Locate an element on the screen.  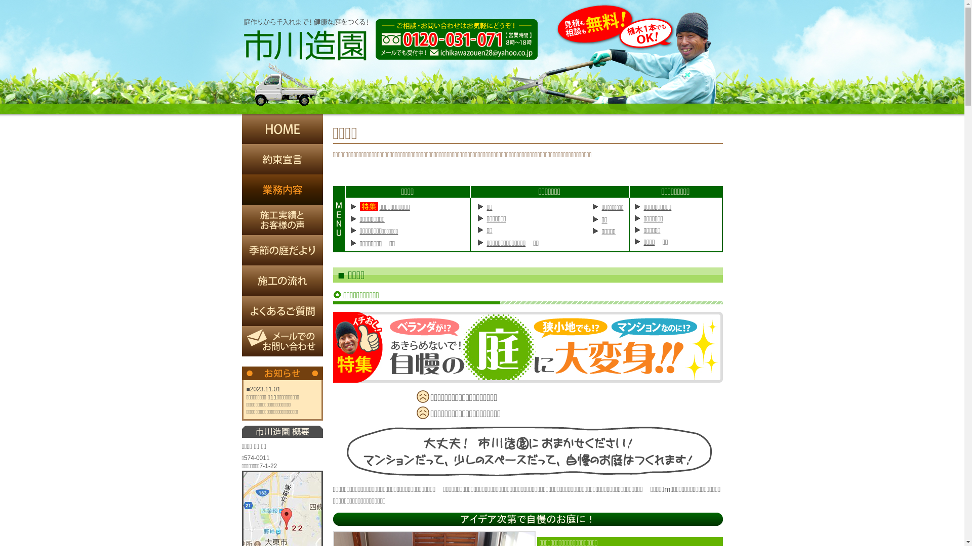
'HOME' is located at coordinates (241, 128).